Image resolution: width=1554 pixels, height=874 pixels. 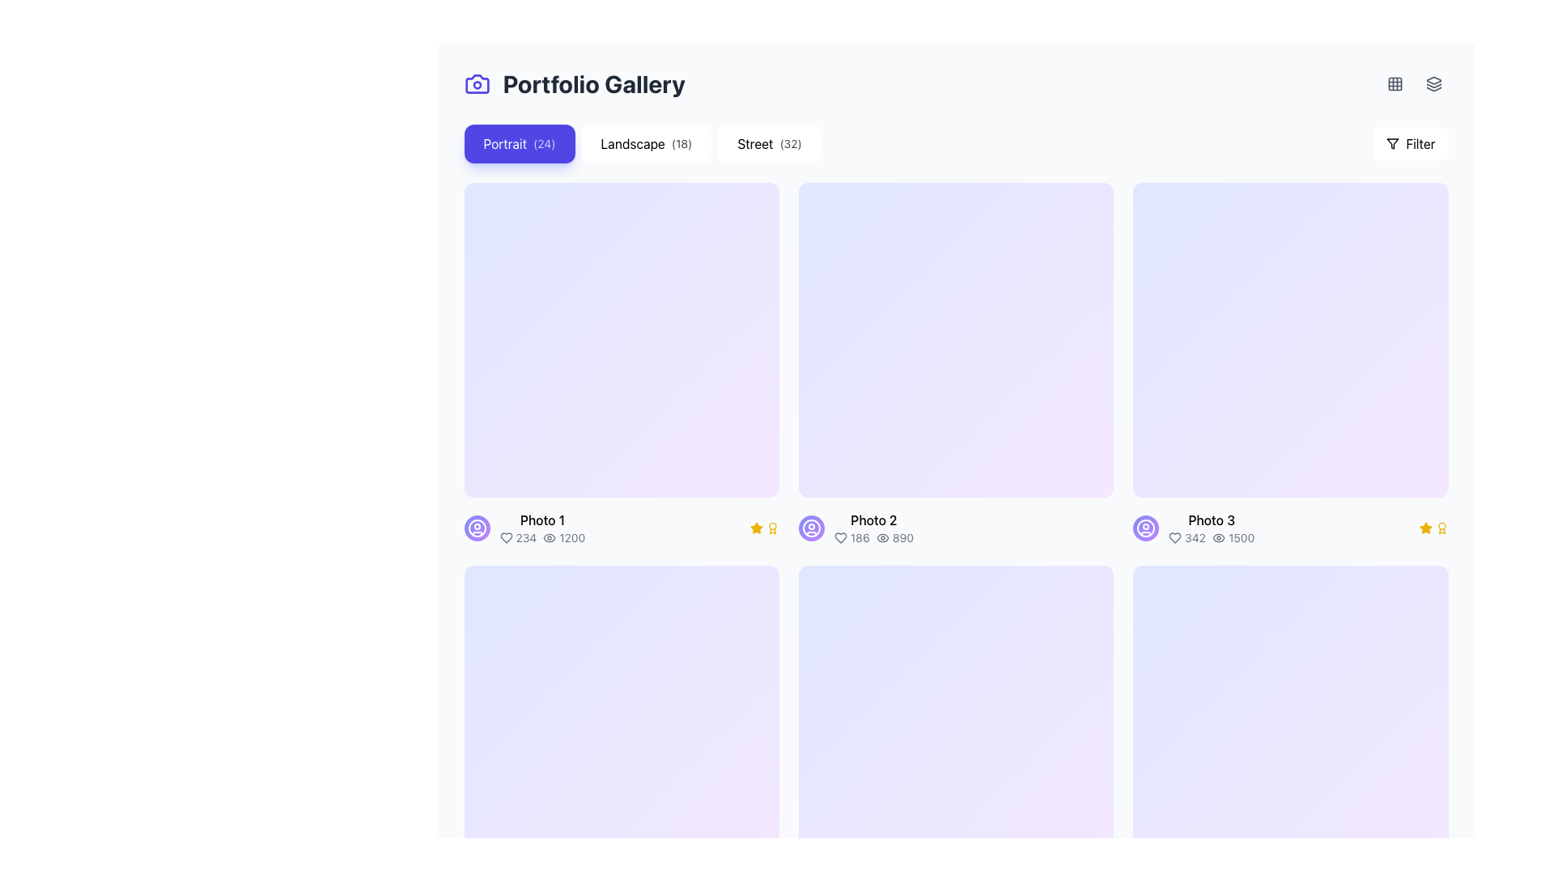 What do you see at coordinates (1420, 142) in the screenshot?
I see `the button that contains the label for activating the filter functionality, located near the upper-right corner of the interface, adjacent to a funnel icon` at bounding box center [1420, 142].